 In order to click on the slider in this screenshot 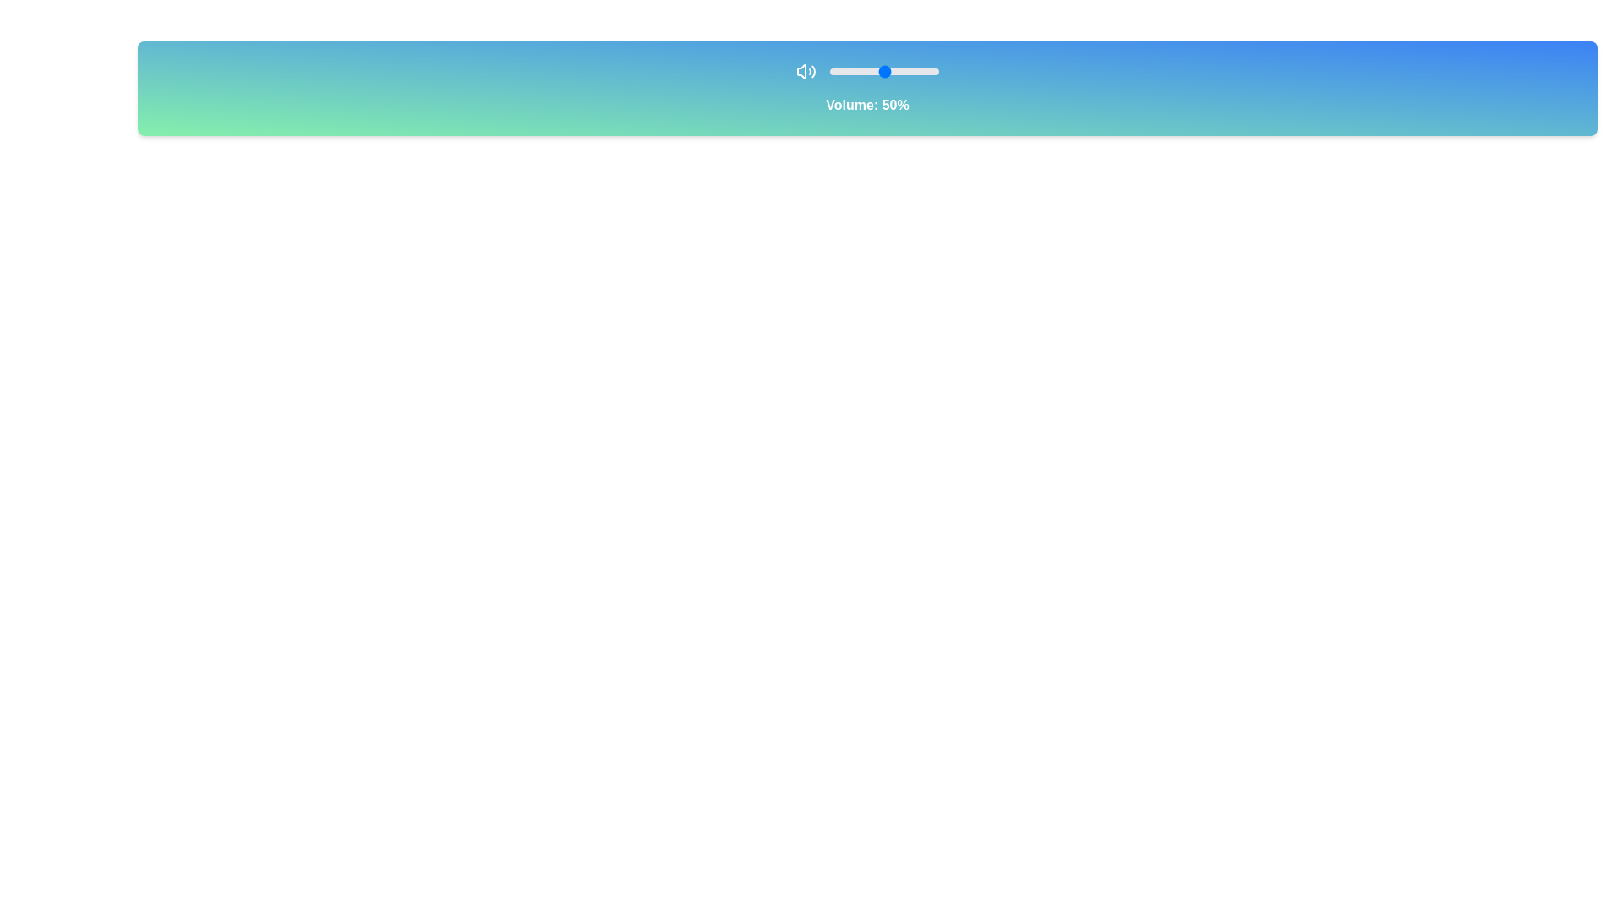, I will do `click(879, 70)`.